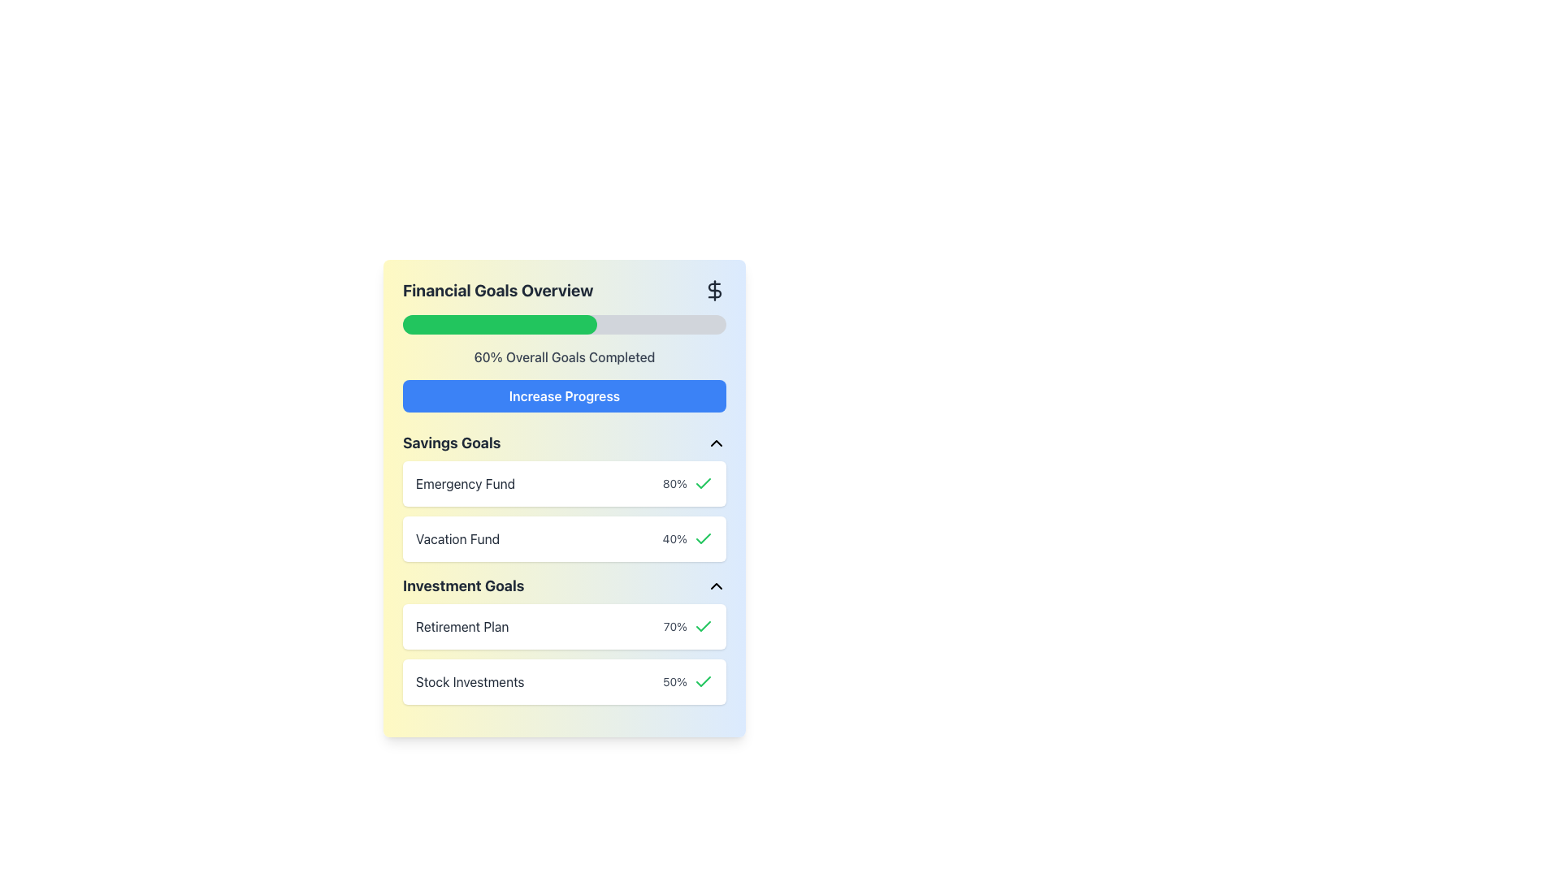 This screenshot has width=1560, height=877. I want to click on the approval icon indicating the completion of the 'Vacation Fund' goal, so click(703, 538).